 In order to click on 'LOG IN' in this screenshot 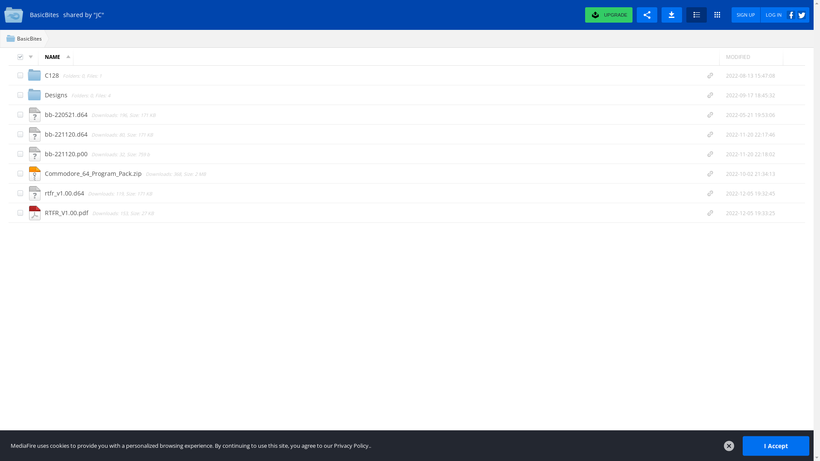, I will do `click(785, 15)`.